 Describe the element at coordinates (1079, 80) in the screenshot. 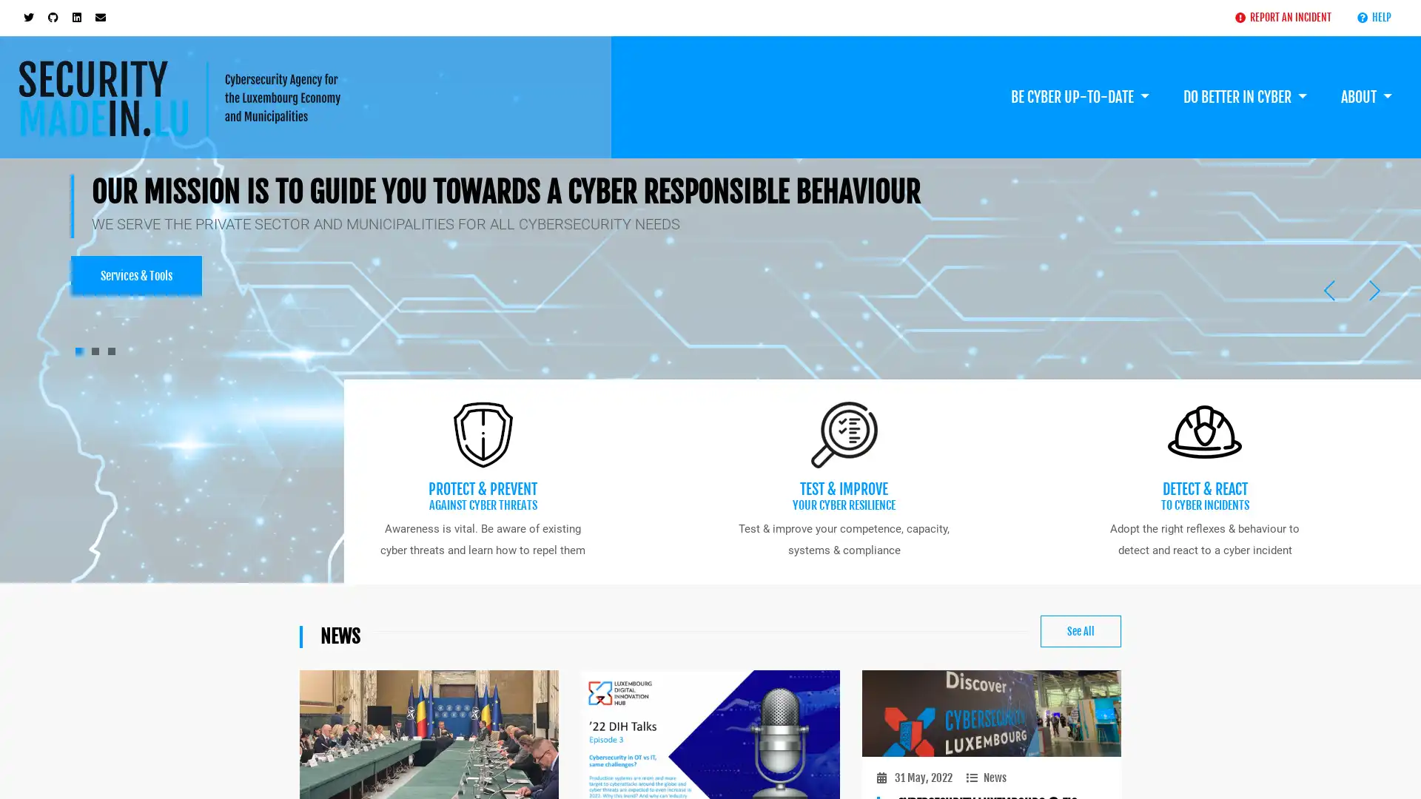

I see `BE CYBER UP-TO-DATE` at that location.